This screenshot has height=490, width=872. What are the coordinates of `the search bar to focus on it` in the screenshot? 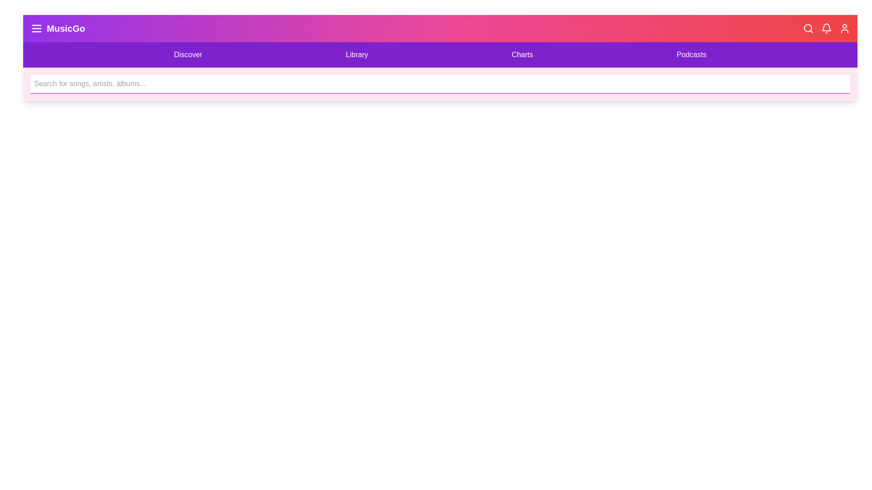 It's located at (440, 84).